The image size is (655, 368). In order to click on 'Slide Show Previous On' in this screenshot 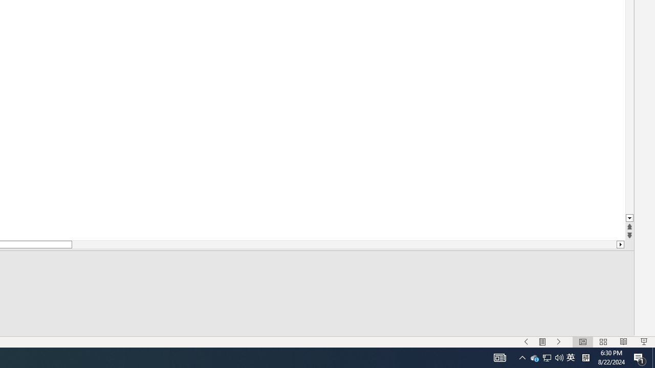, I will do `click(526, 342)`.